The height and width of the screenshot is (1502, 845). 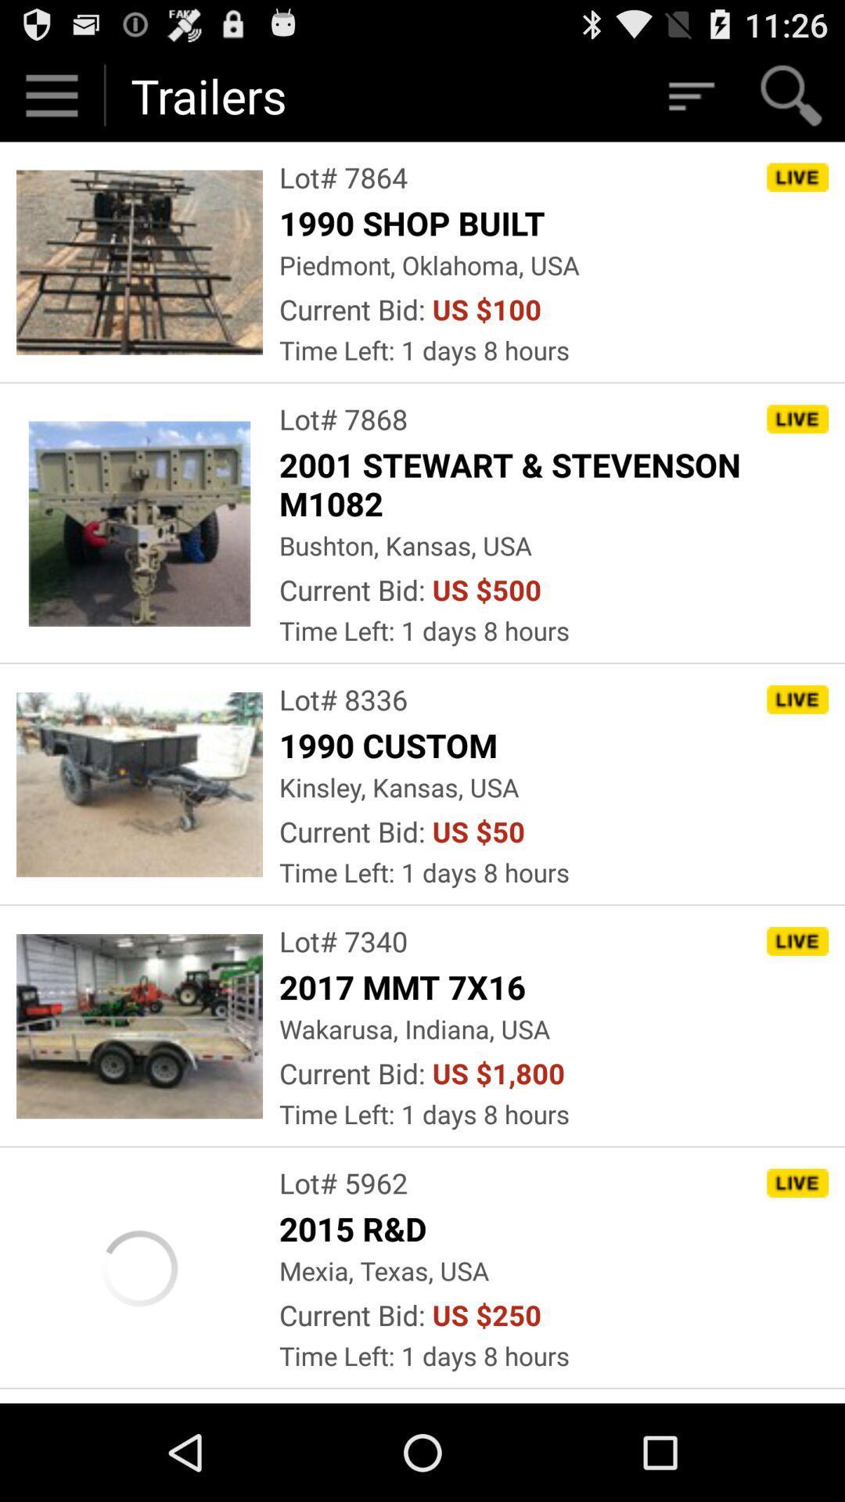 I want to click on icon above the 1990 custom  icon, so click(x=343, y=699).